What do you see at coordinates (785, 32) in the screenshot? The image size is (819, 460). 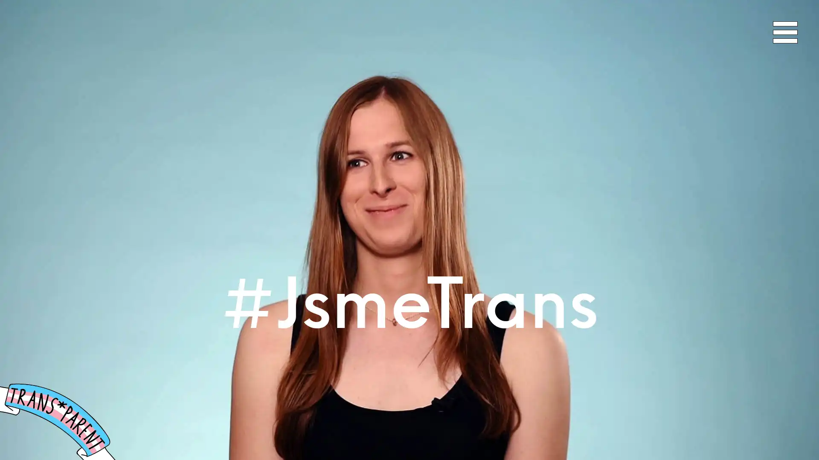 I see `Menu` at bounding box center [785, 32].